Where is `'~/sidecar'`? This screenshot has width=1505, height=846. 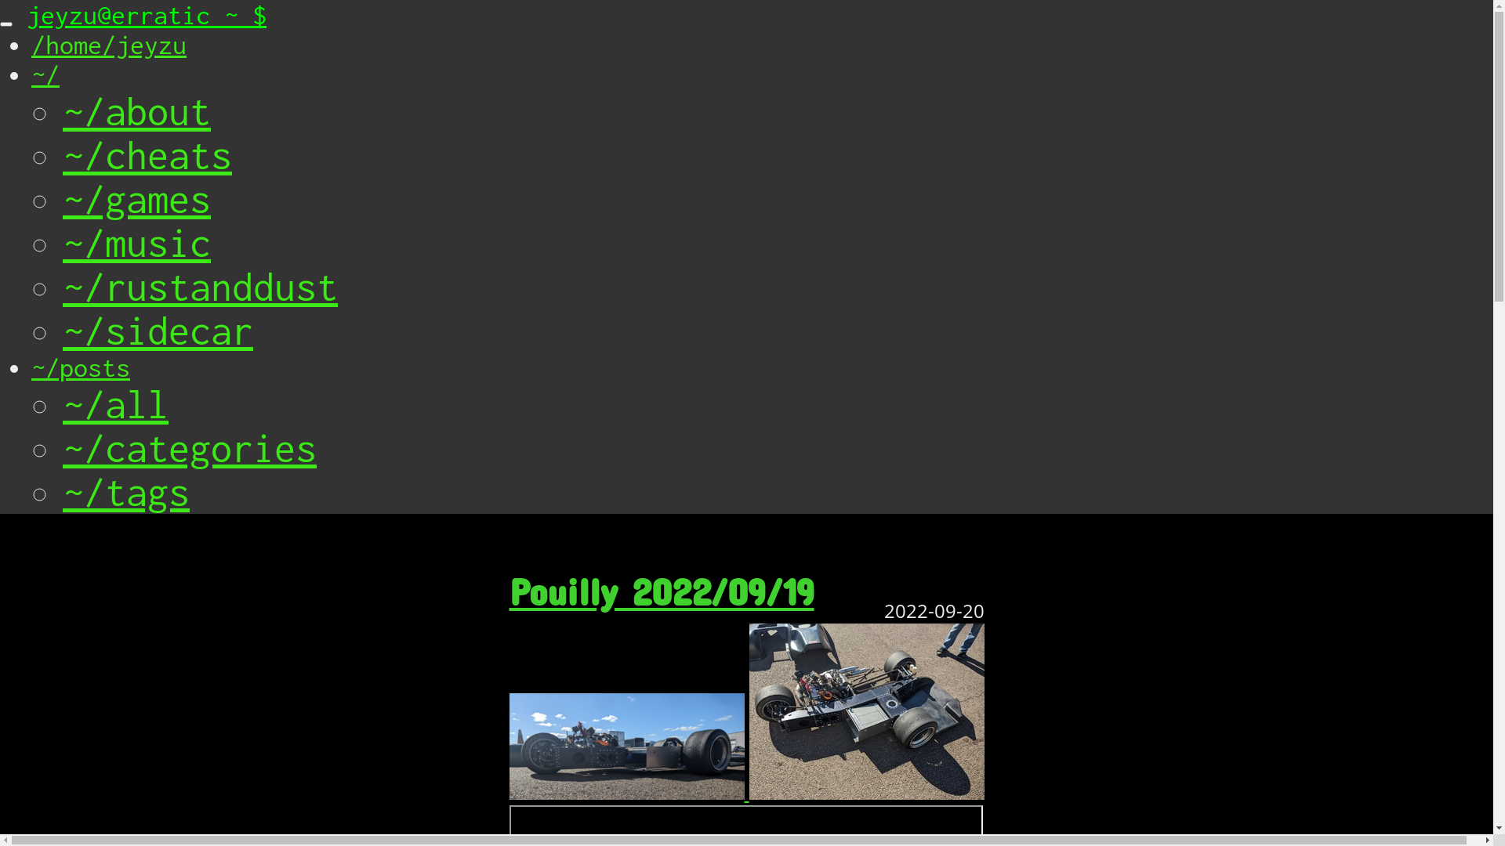
'~/sidecar' is located at coordinates (158, 329).